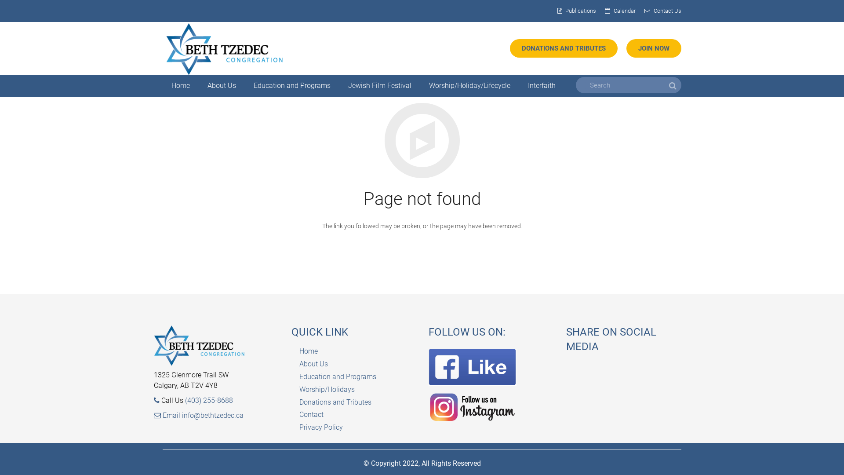 This screenshot has height=475, width=844. I want to click on 'Jewish Film Festival', so click(339, 86).